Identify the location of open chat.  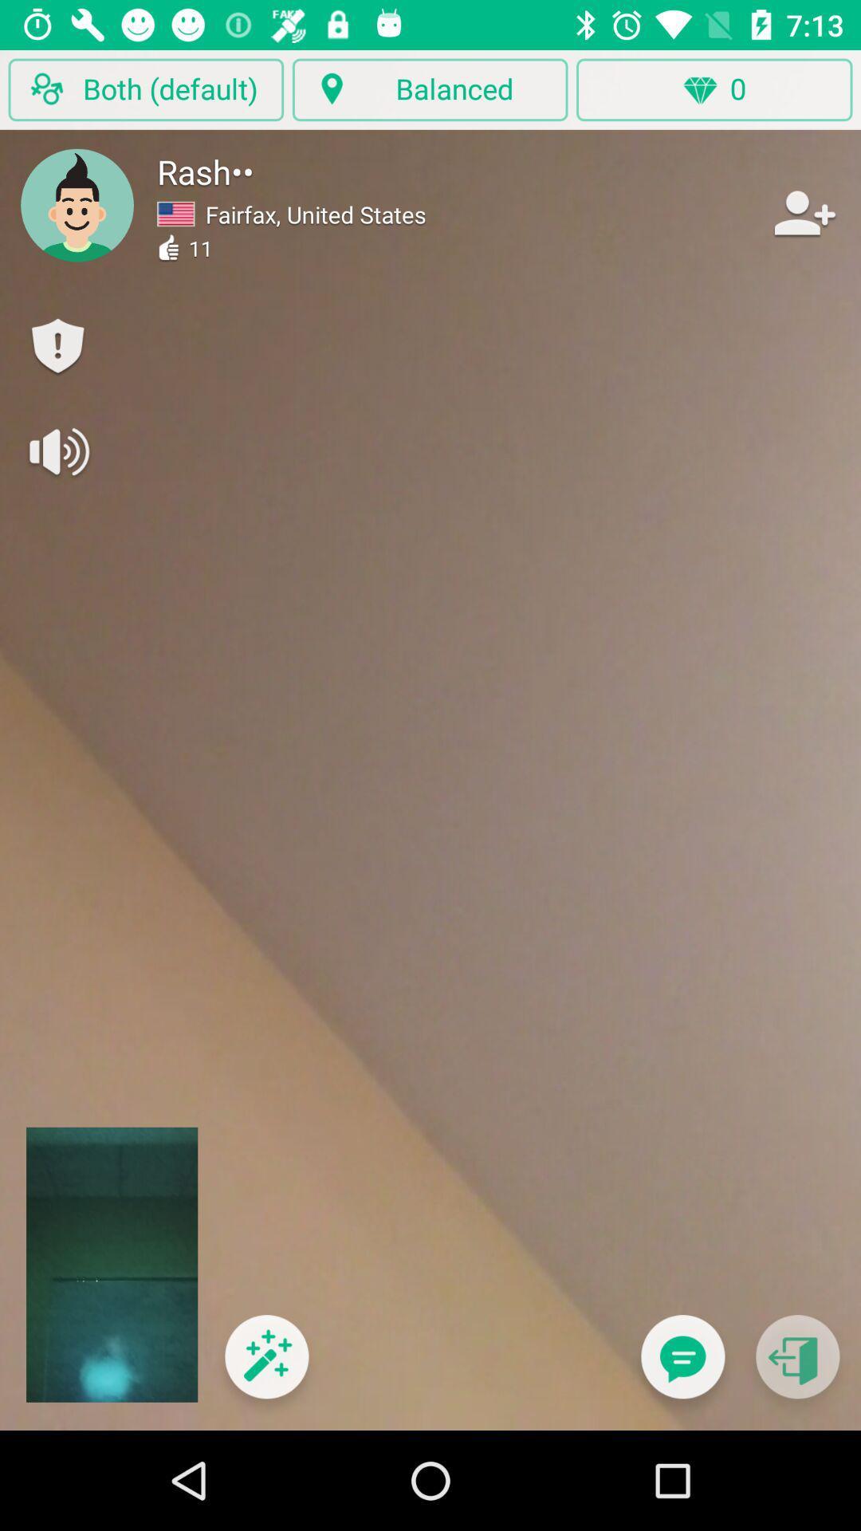
(682, 1366).